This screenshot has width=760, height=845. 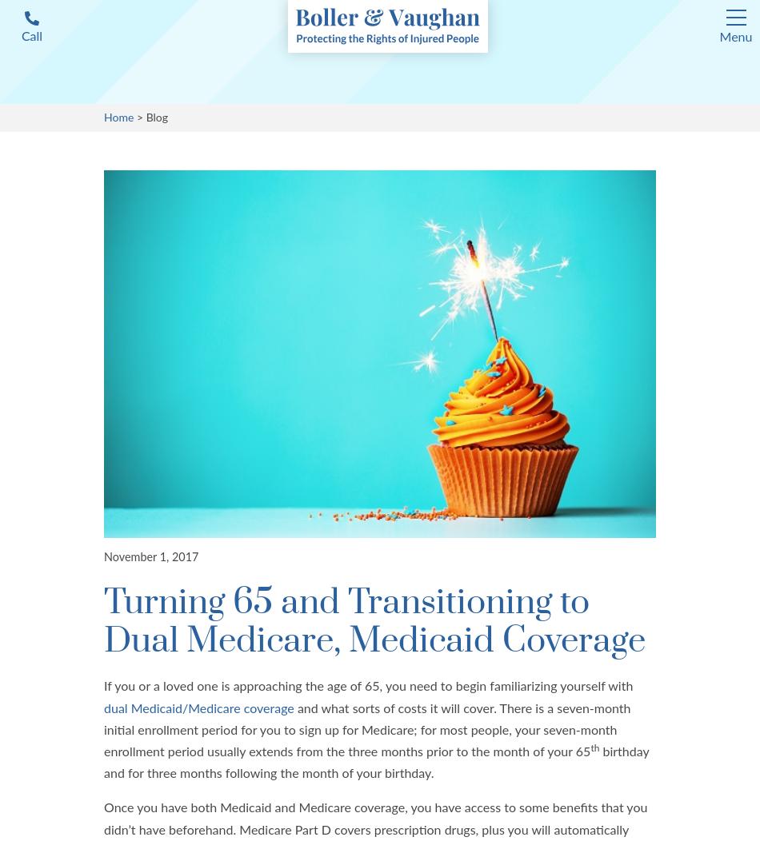 What do you see at coordinates (367, 686) in the screenshot?
I see `'If you or a loved one is approaching the age of 65, you need to begin familiarizing yourself with'` at bounding box center [367, 686].